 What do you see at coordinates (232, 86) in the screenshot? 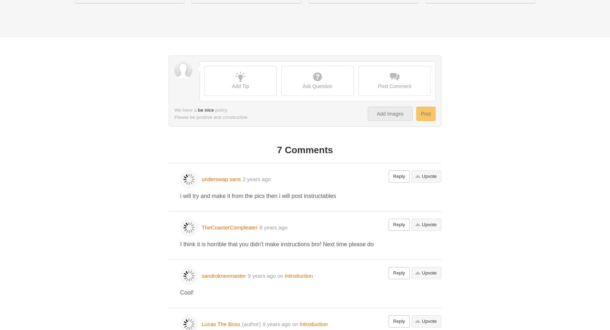
I see `'Add Tip'` at bounding box center [232, 86].